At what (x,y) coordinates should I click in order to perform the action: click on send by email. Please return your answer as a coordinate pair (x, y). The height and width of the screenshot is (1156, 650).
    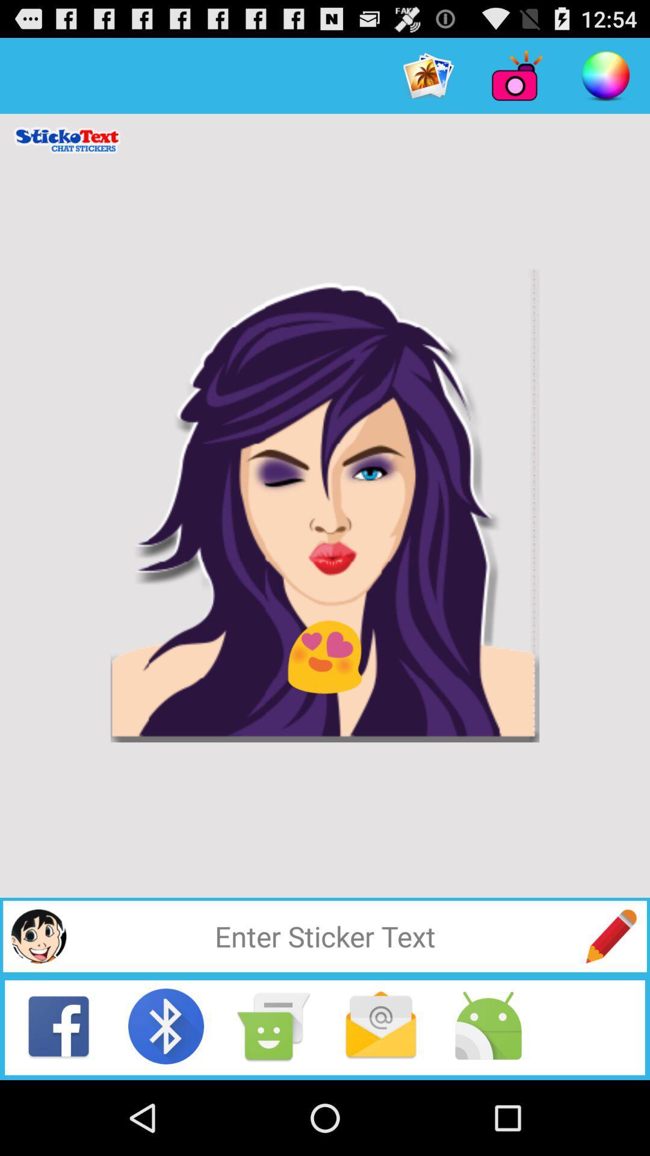
    Looking at the image, I should click on (380, 1025).